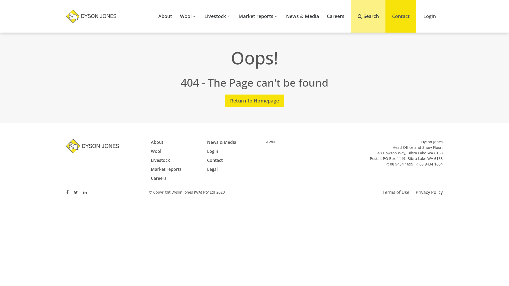 This screenshot has width=509, height=286. Describe the element at coordinates (212, 169) in the screenshot. I see `'Legal'` at that location.